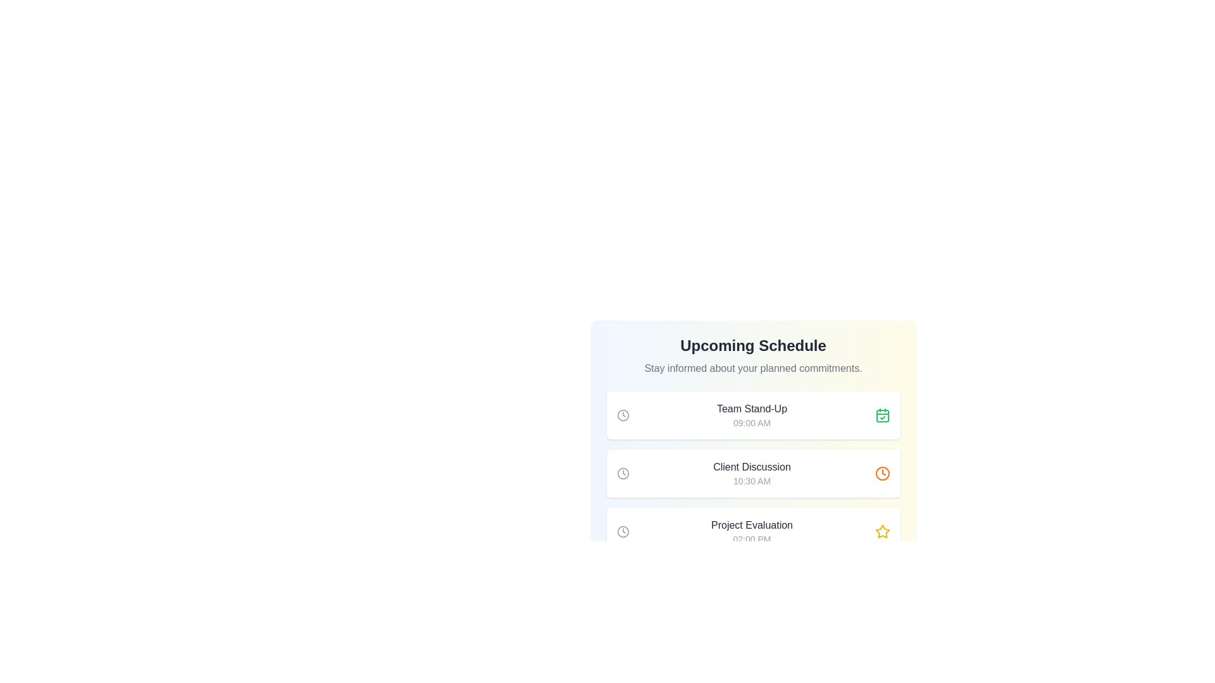  I want to click on the information displayed by the calendar icon with a green border located in the top-right corner of the schedule list, so click(882, 416).